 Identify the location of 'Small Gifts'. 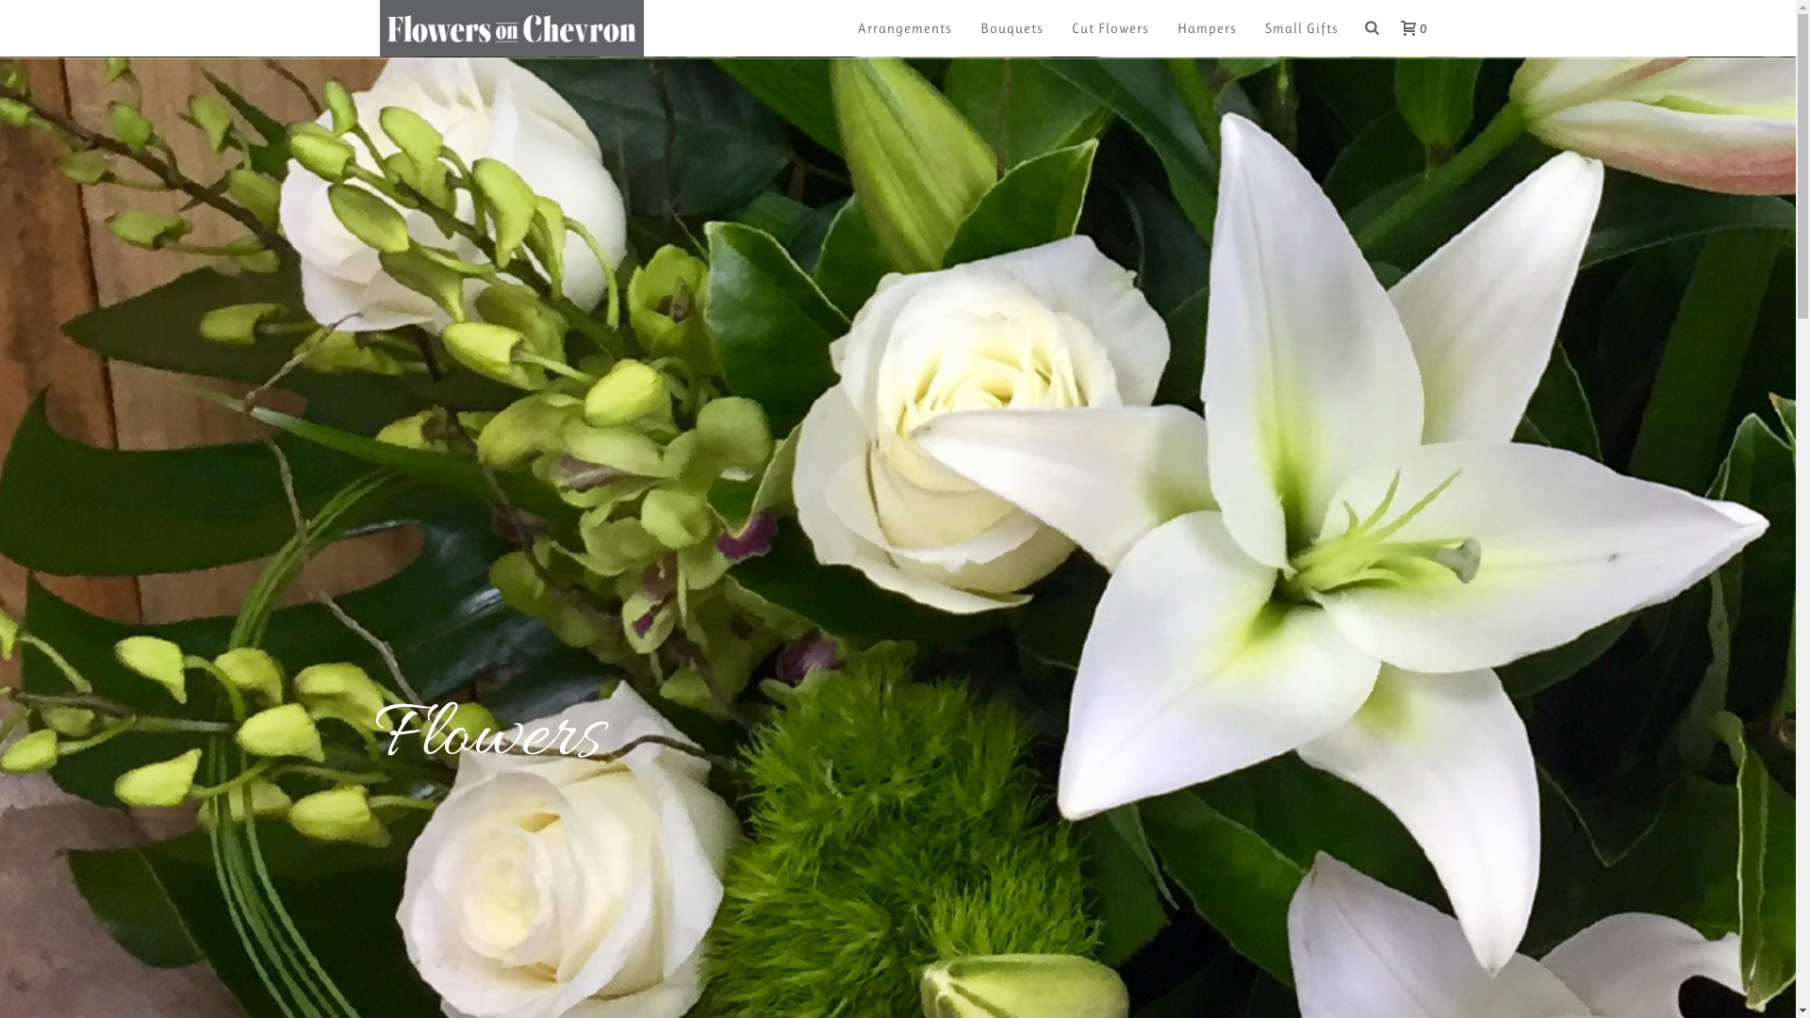
(1301, 28).